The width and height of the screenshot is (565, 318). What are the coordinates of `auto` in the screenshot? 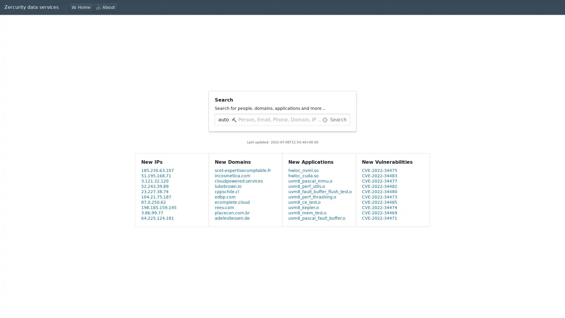 It's located at (227, 119).